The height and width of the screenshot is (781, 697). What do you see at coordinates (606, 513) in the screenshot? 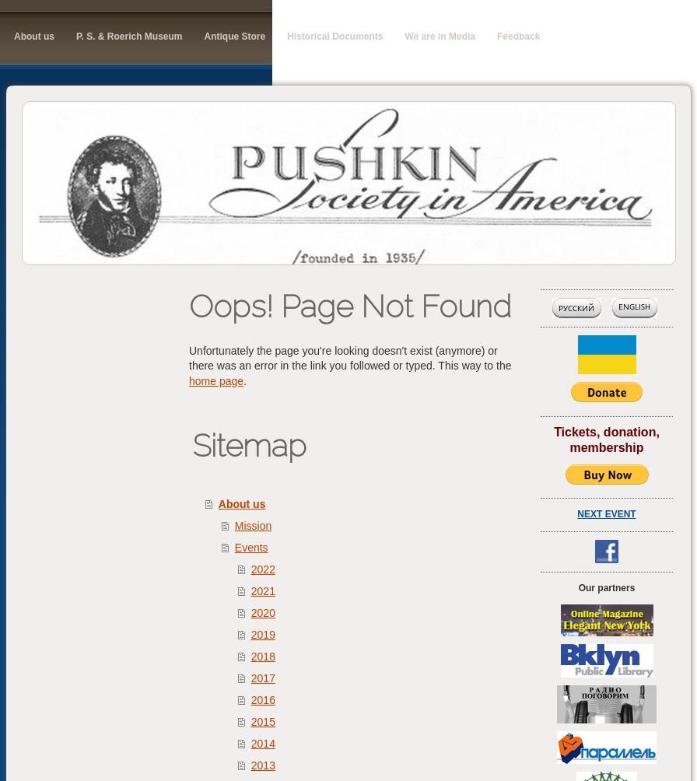
I see `'NEXT EVENT'` at bounding box center [606, 513].